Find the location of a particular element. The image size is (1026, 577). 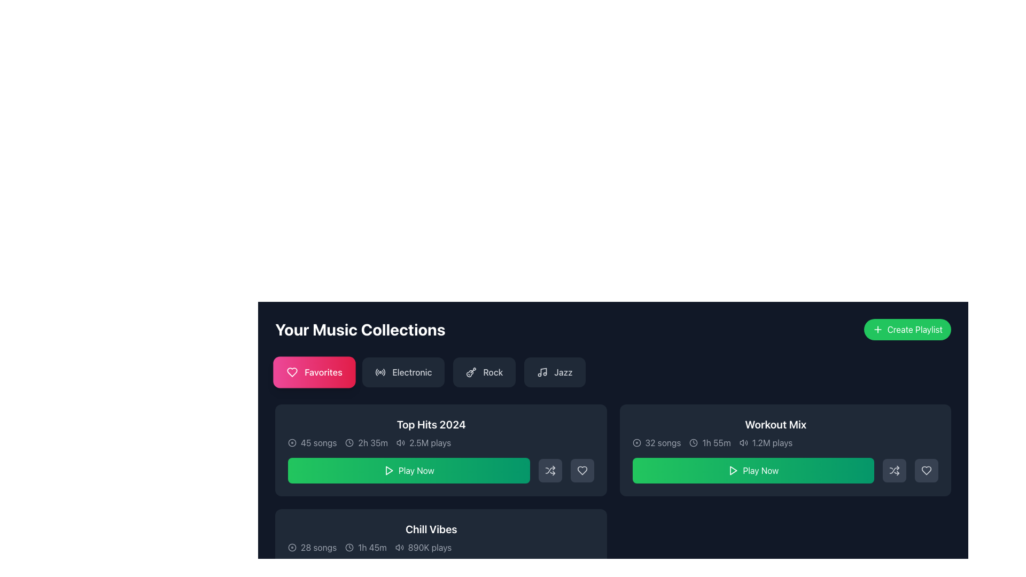

the gray square button with a heart-shaped icon to favorite or unfavorite the playlist, located to the right of the shuffle button in the 'Workout Mix' section is located at coordinates (926, 470).